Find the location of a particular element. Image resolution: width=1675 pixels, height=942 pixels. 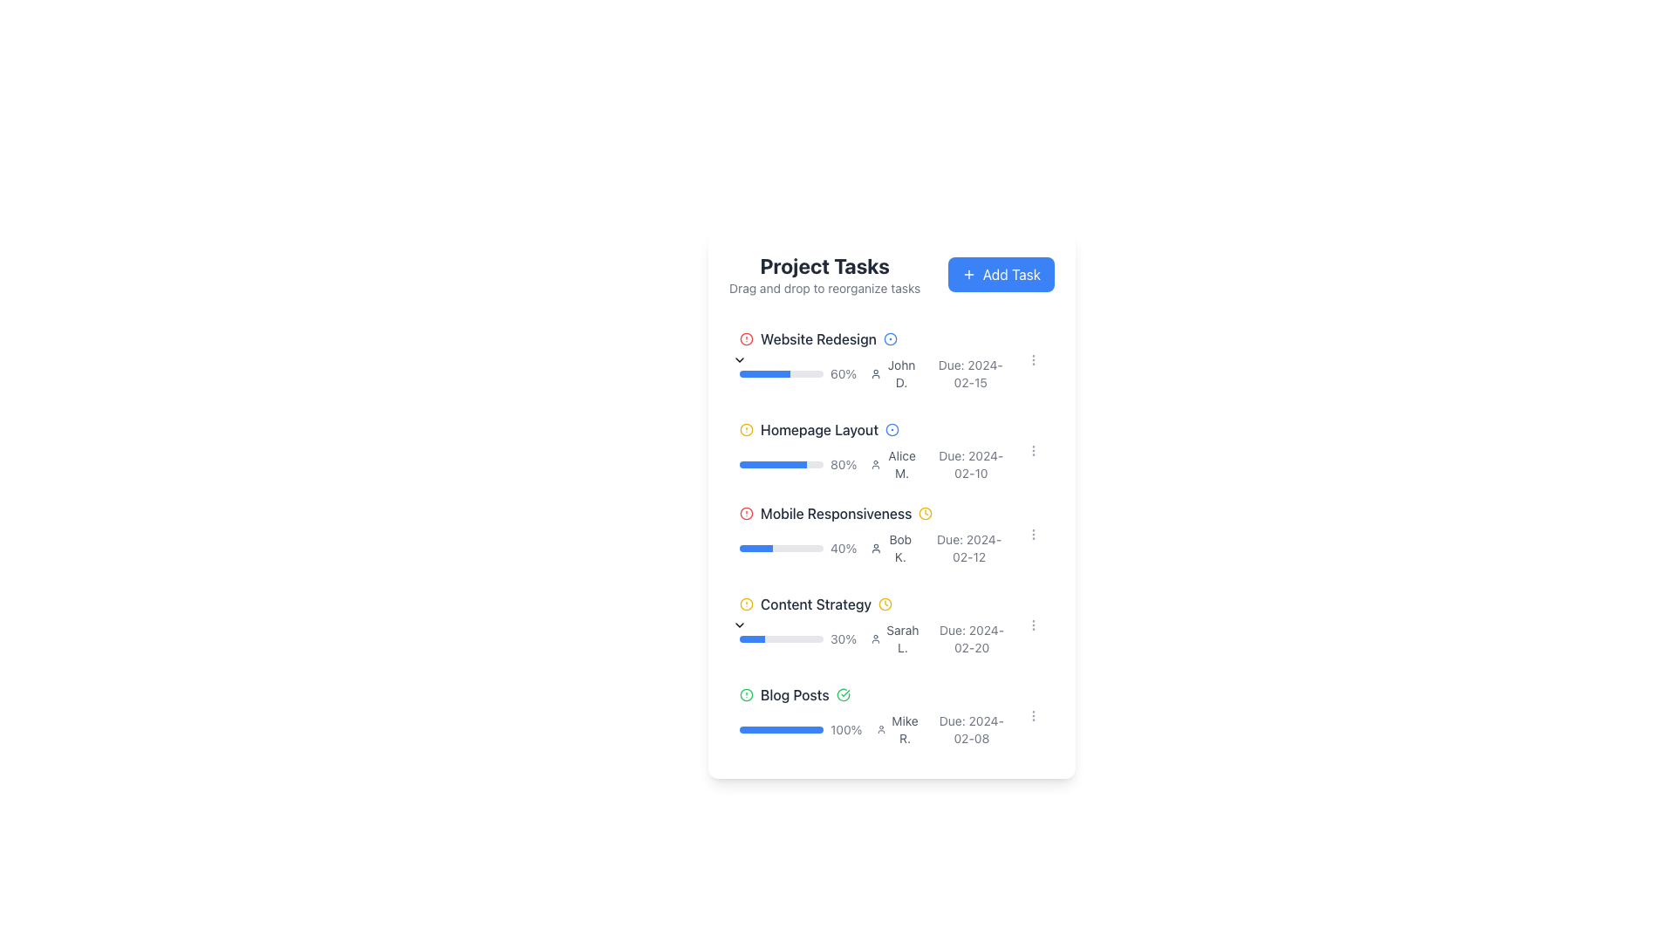

progress is located at coordinates (742, 547).